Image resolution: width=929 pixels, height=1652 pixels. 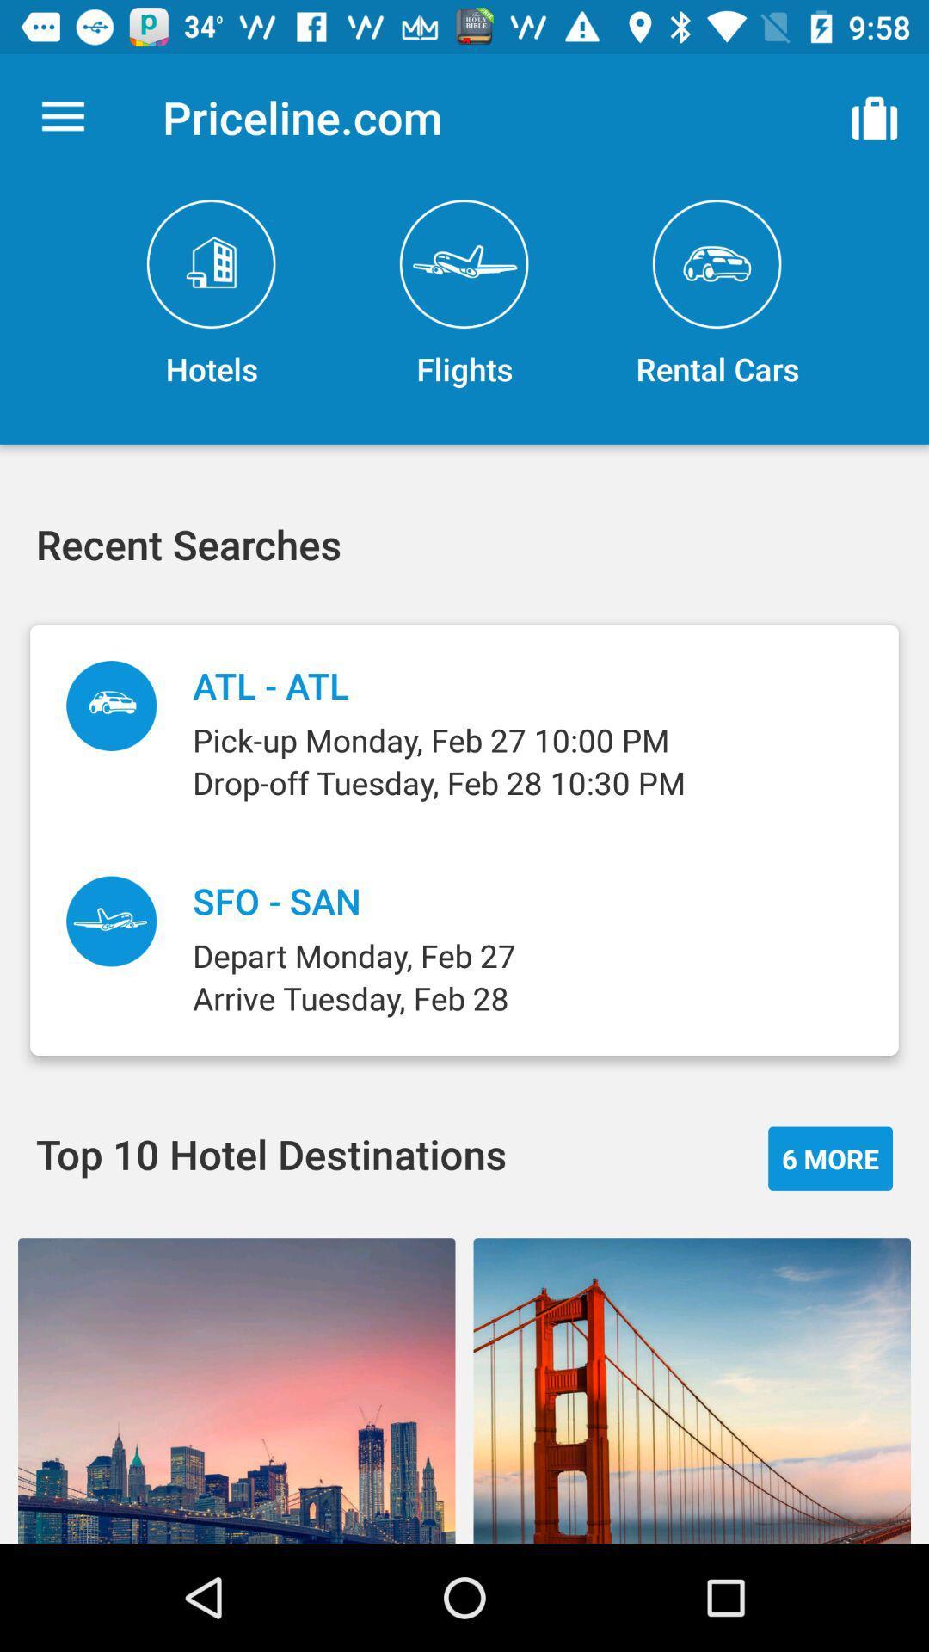 I want to click on item above pick up monday item, so click(x=717, y=294).